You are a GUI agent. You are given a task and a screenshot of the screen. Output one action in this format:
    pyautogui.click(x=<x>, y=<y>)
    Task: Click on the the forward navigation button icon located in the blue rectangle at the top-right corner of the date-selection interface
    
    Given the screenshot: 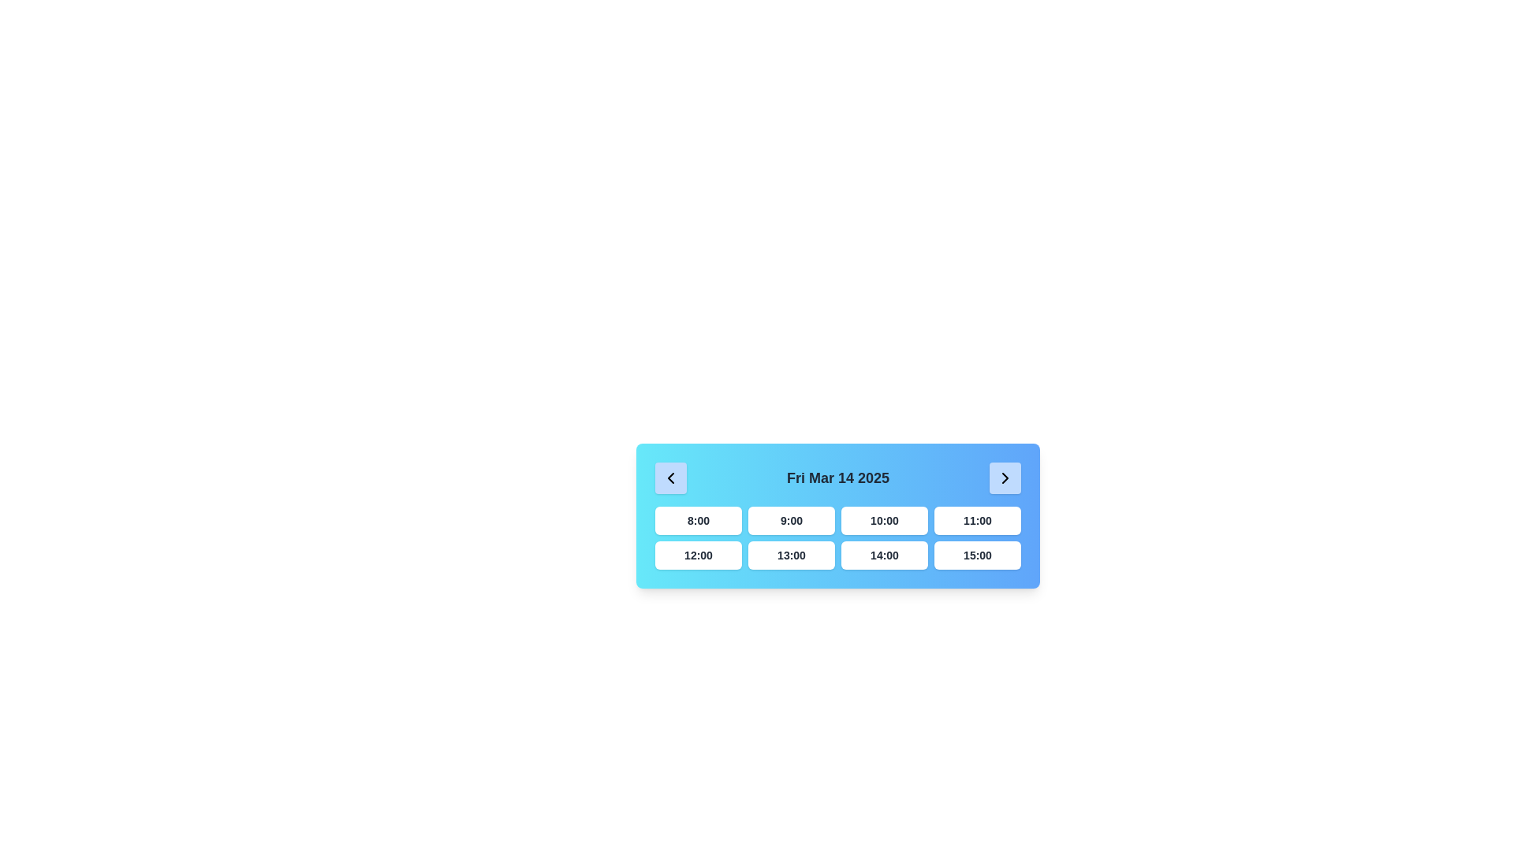 What is the action you would take?
    pyautogui.click(x=1005, y=477)
    